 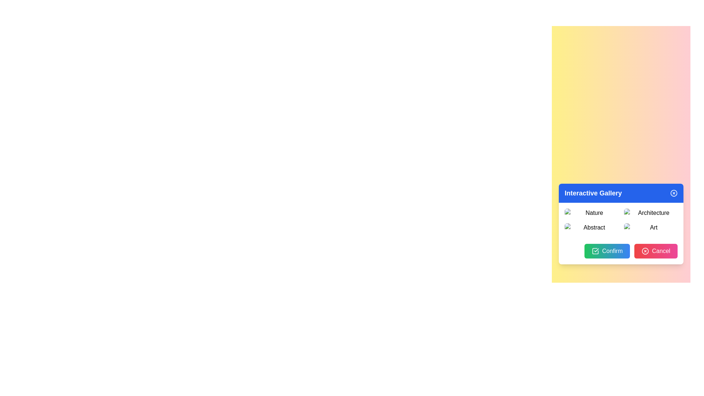 I want to click on the small square icon with a checkmark inside it located to the left of the 'Confirm' button text at the bottom left corner of the dialog box, so click(x=595, y=251).